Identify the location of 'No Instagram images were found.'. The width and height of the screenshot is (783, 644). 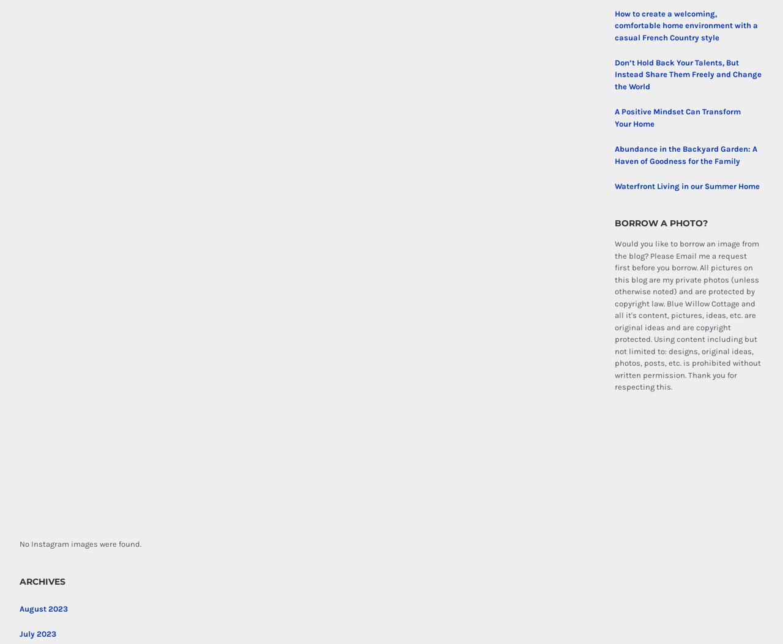
(80, 544).